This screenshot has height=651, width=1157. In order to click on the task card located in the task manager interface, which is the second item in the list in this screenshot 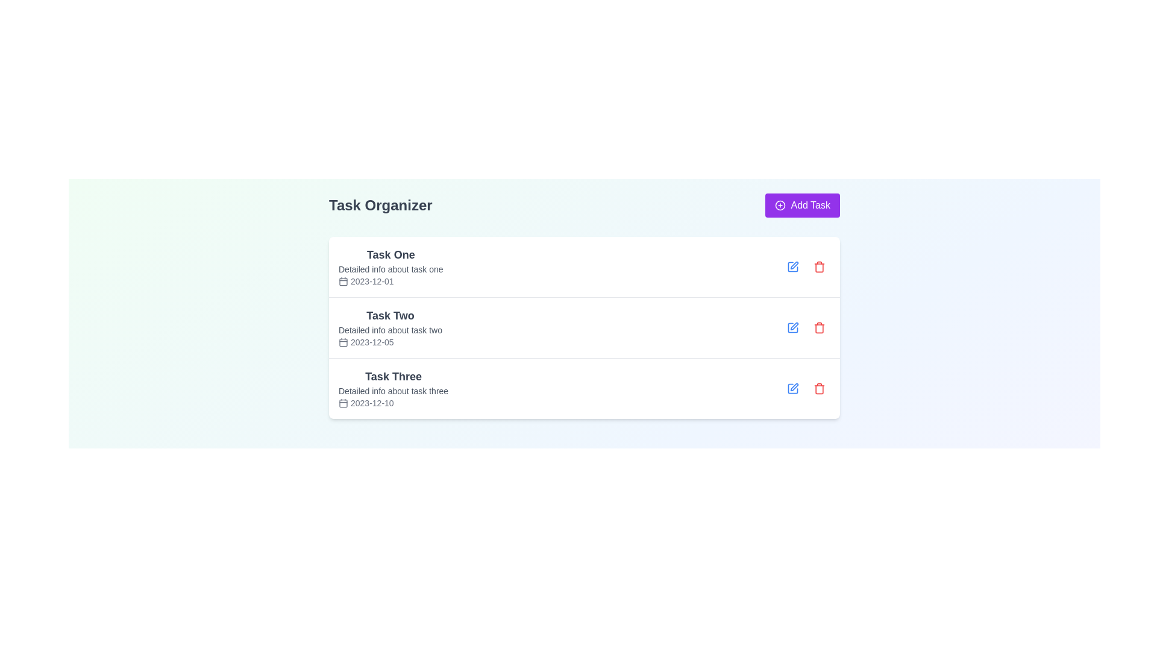, I will do `click(584, 306)`.